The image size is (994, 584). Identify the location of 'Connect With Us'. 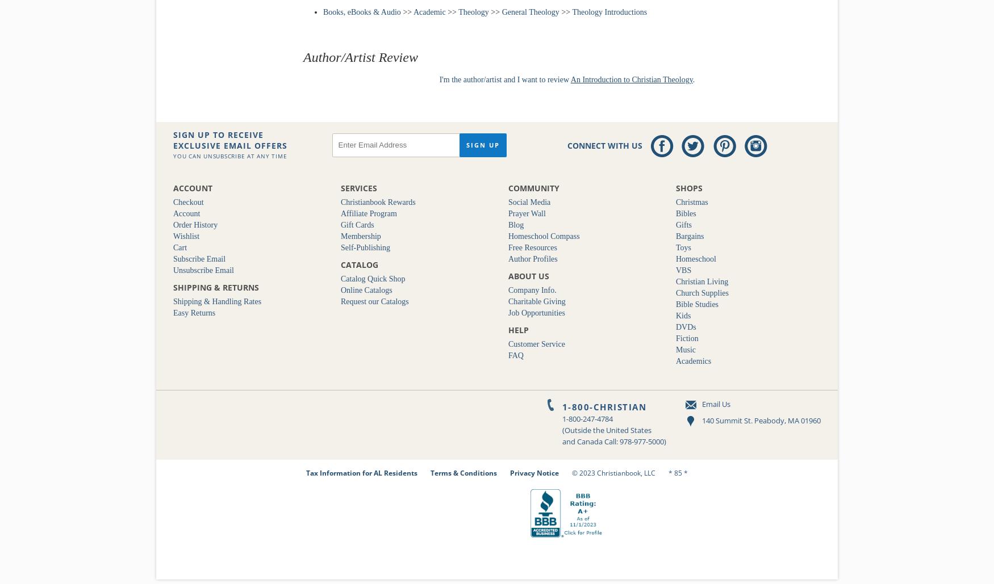
(605, 144).